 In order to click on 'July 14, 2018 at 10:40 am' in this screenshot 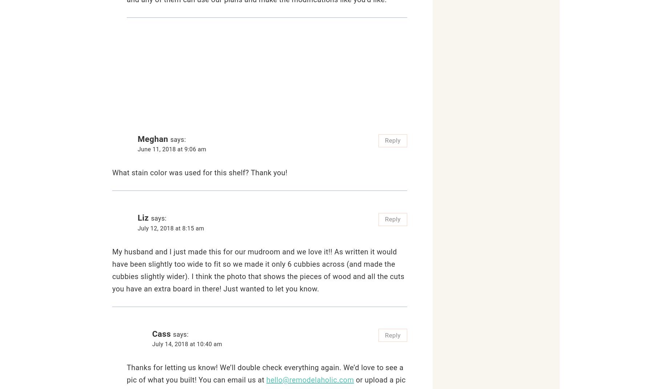, I will do `click(187, 343)`.